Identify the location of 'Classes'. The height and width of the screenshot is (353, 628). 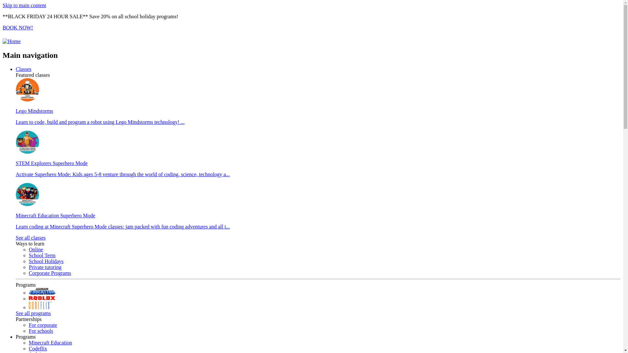
(24, 69).